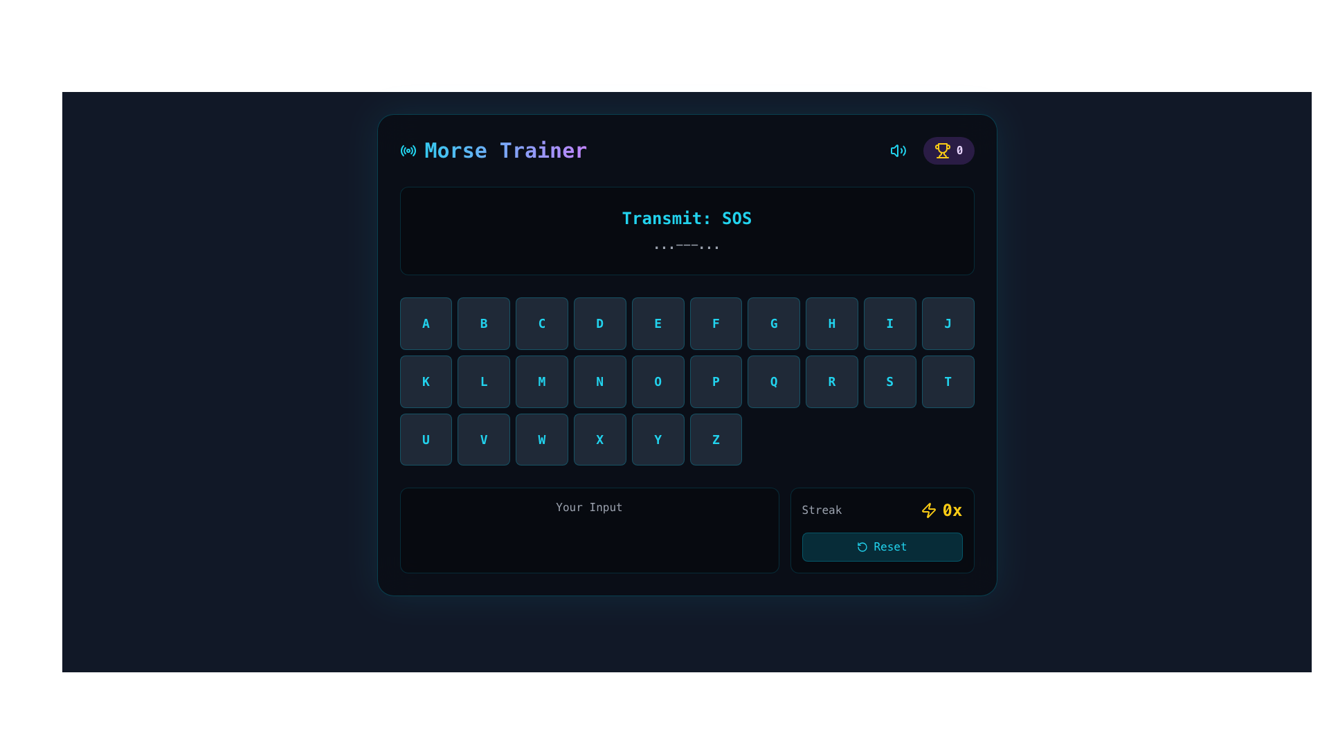  What do you see at coordinates (687, 230) in the screenshot?
I see `the Static text display that shows 'Transmit: SOS' in bold cyan font and '...---...' in gray font, which is centrally aligned on a dark rectangular background` at bounding box center [687, 230].